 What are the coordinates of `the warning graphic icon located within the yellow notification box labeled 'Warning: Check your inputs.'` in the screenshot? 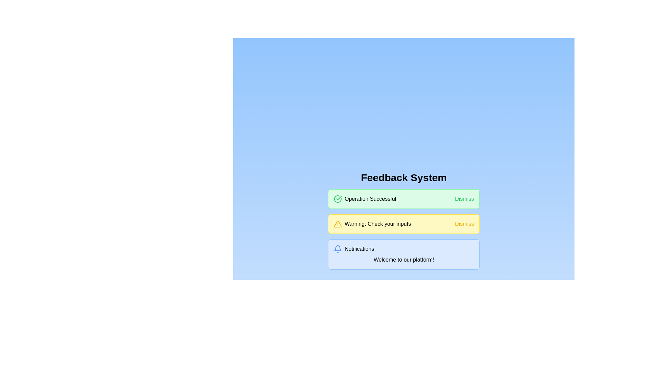 It's located at (338, 224).